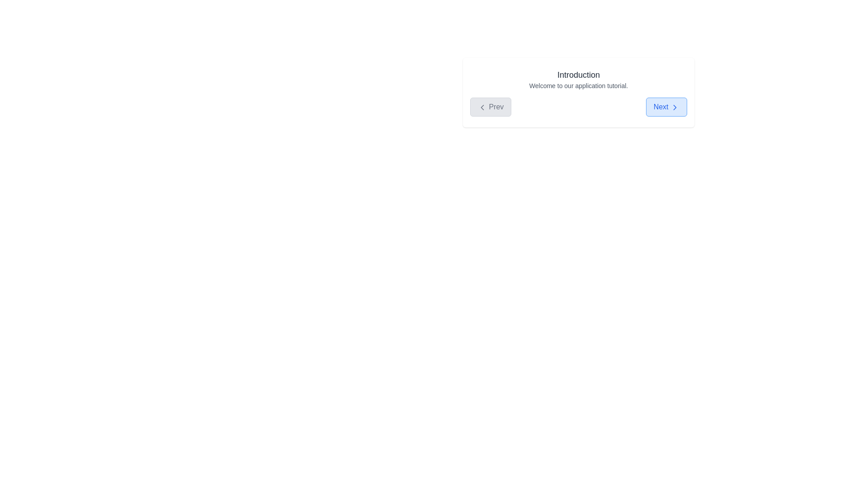 This screenshot has width=868, height=488. I want to click on the prominent heading labeled 'Introduction' which is styled in bold and larger text, located centrally above the text 'Welcome to our application tutorial.', so click(579, 74).